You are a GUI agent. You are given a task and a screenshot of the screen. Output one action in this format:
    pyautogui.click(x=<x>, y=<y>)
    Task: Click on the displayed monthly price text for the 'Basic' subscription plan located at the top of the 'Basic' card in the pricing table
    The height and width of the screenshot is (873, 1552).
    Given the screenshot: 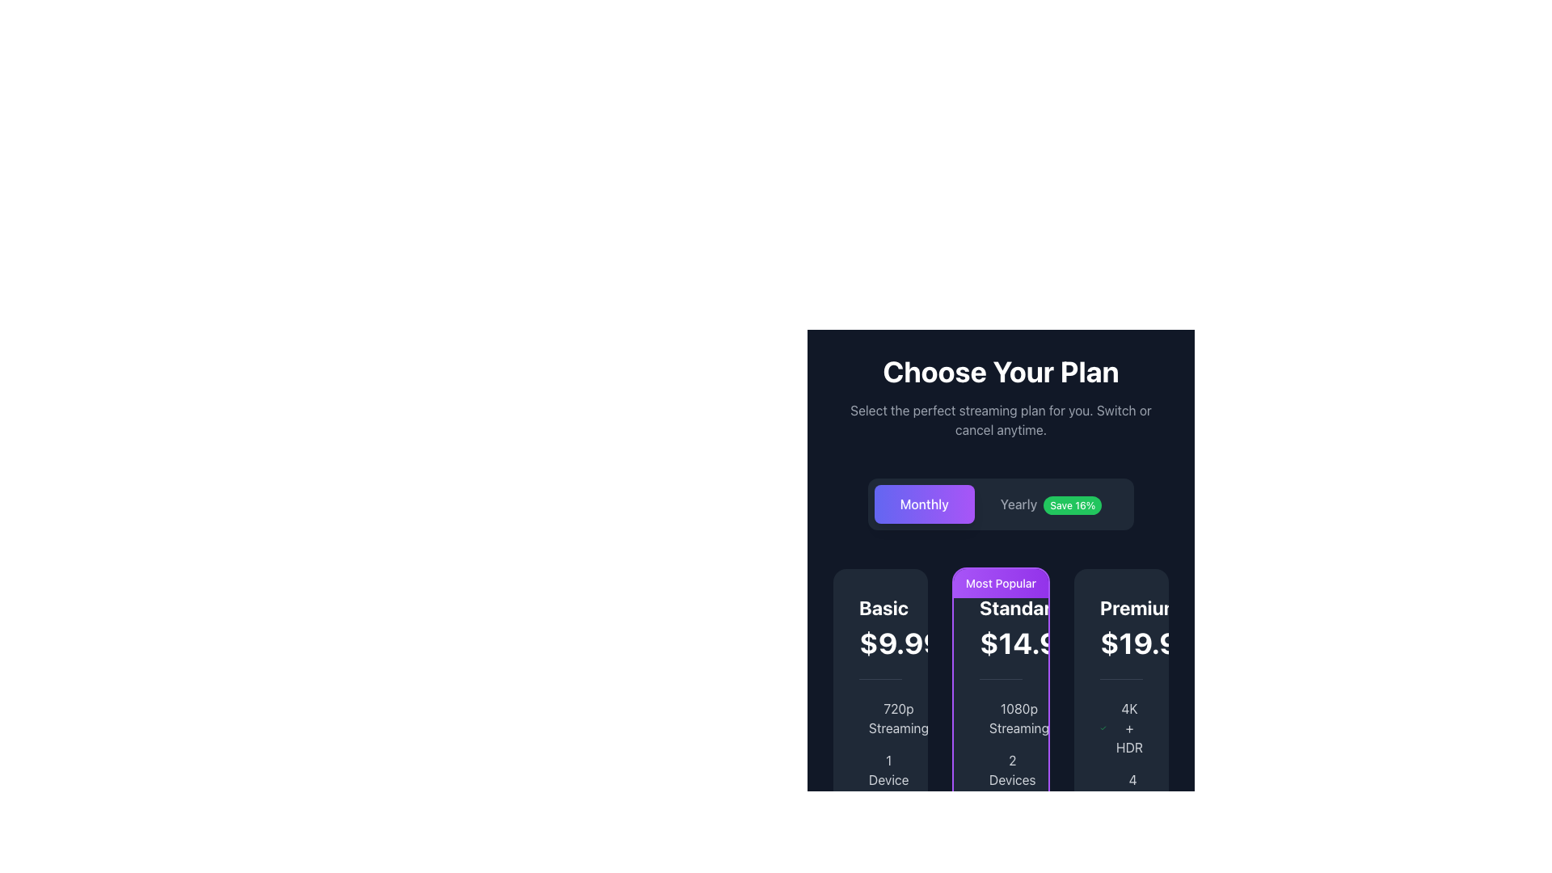 What is the action you would take?
    pyautogui.click(x=900, y=642)
    